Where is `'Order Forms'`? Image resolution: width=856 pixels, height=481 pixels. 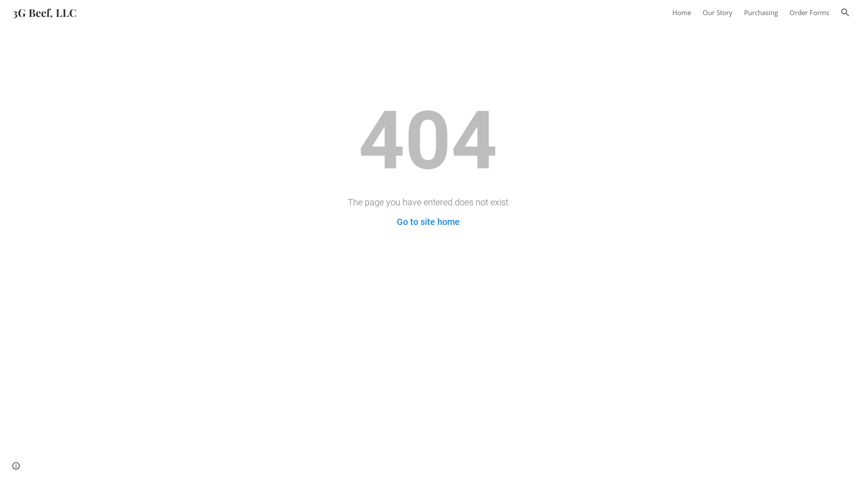 'Order Forms' is located at coordinates (809, 12).